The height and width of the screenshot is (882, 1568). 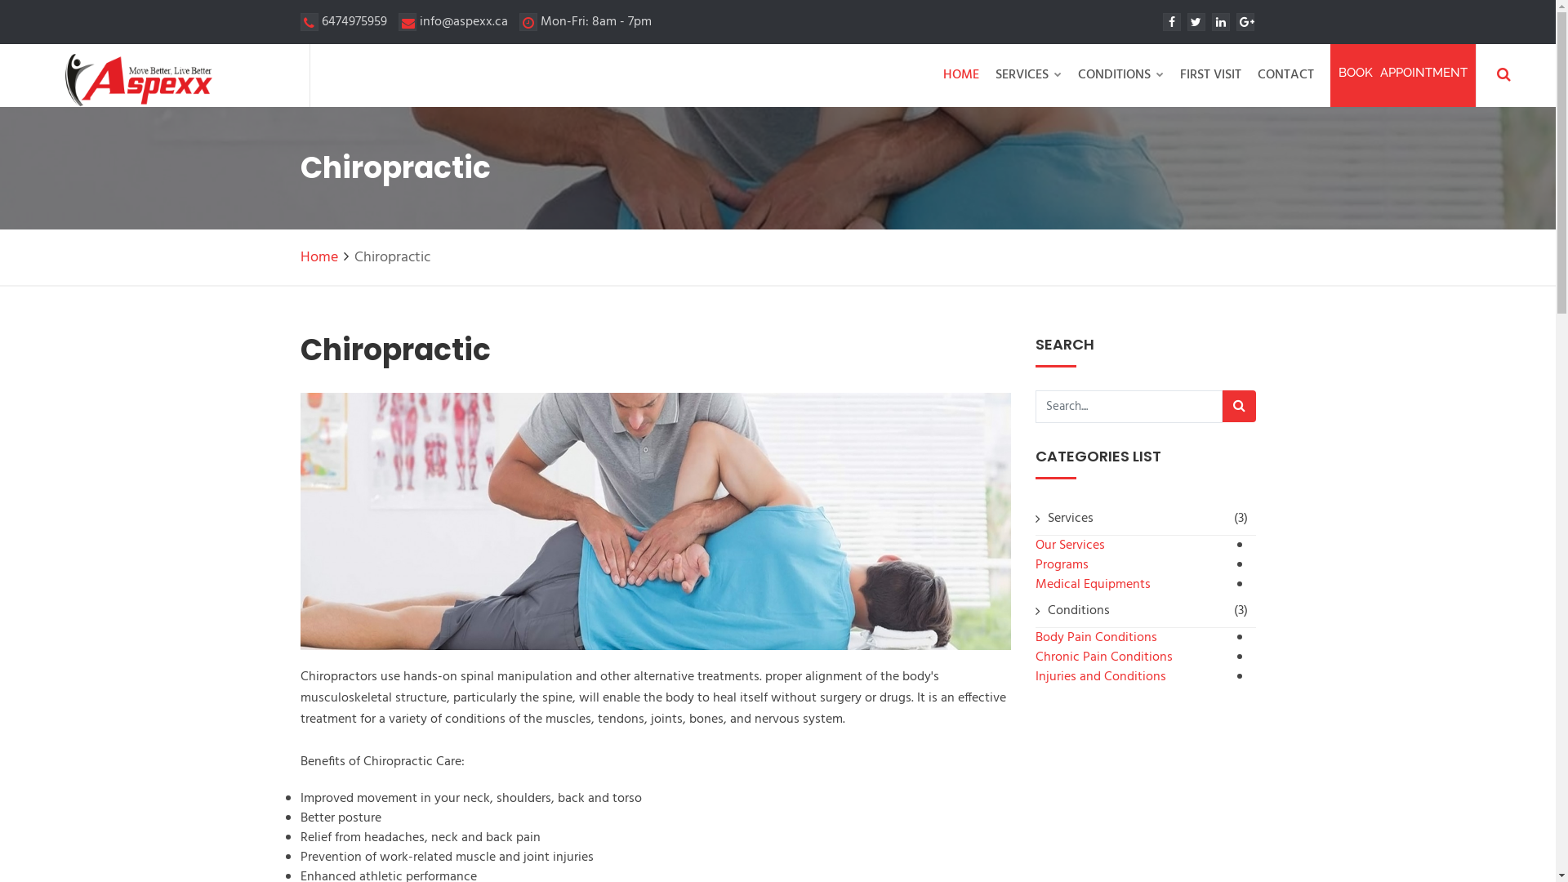 I want to click on 'Services', so click(x=1070, y=519).